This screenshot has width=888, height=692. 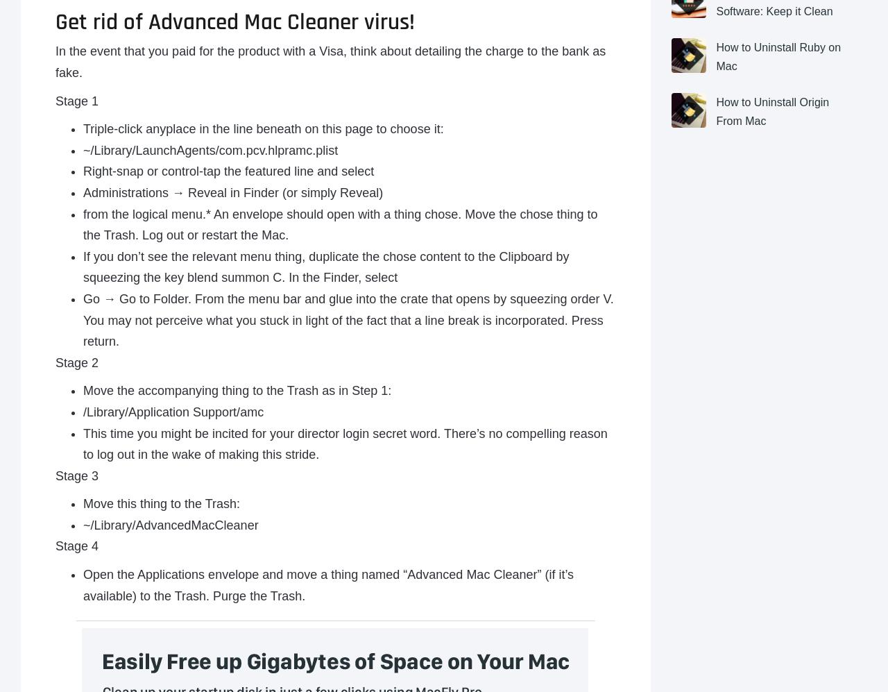 I want to click on 'If you don’t see the relevant menu thing, duplicate the chose content to the Clipboard by squeezing the key blend summon C. In the Finder, select', so click(x=83, y=267).